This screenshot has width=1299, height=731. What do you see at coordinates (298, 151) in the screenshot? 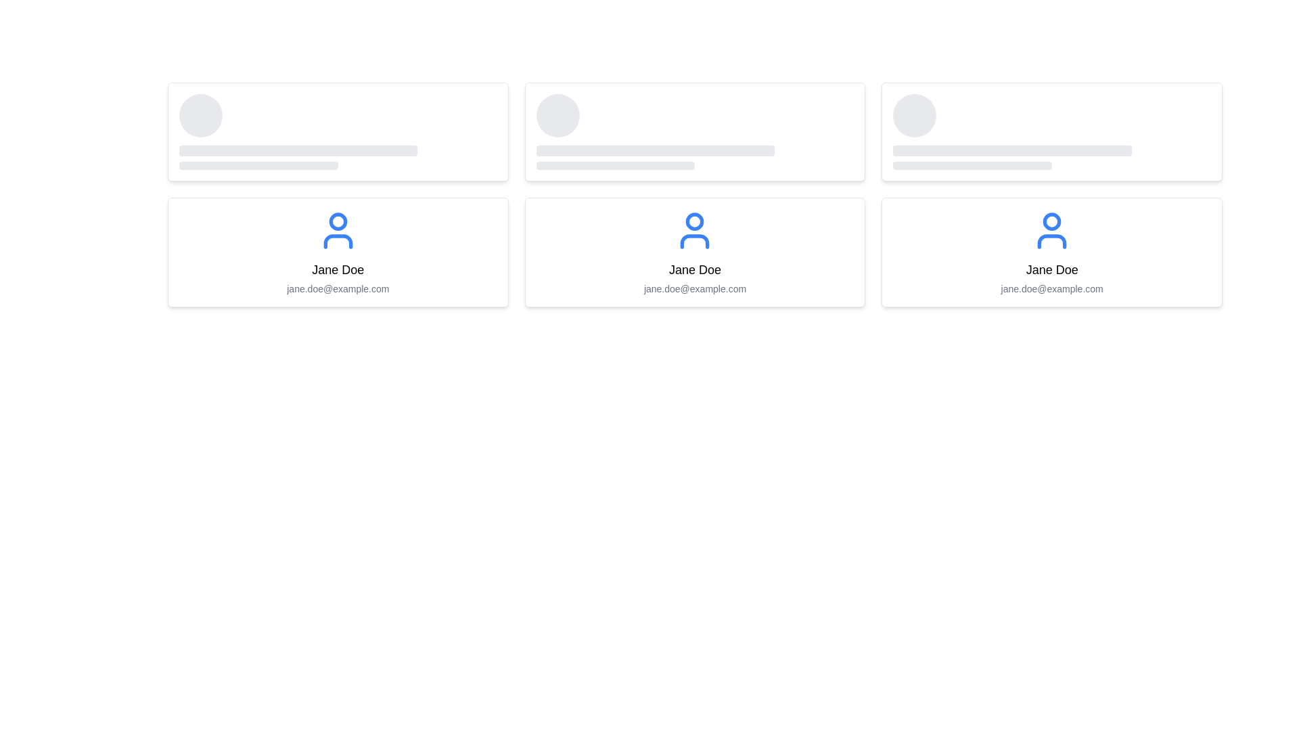
I see `the visual placeholder (skeleton loader bar) element, which is a horizontal light gray bar with rounded corners, located beneath a circular avatar placeholder` at bounding box center [298, 151].